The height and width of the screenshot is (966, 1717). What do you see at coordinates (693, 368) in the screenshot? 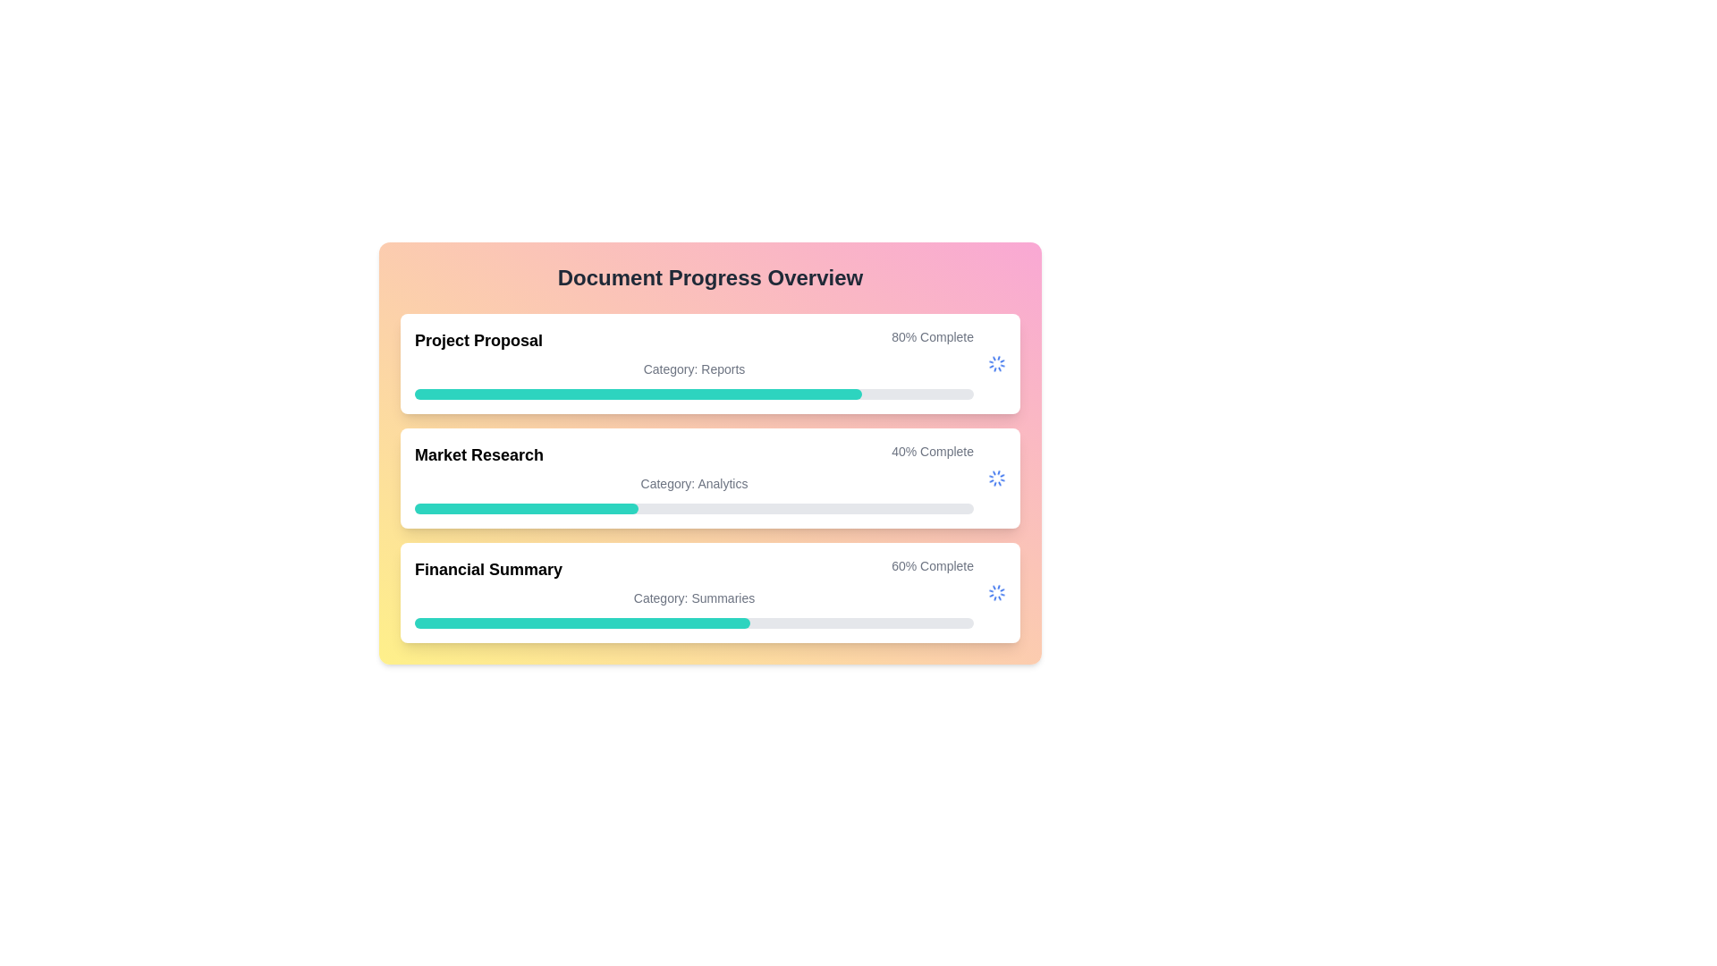
I see `the 'Reports' text label located in the 'Project Proposal' card beneath the progress bar and completion percentage text` at bounding box center [693, 368].